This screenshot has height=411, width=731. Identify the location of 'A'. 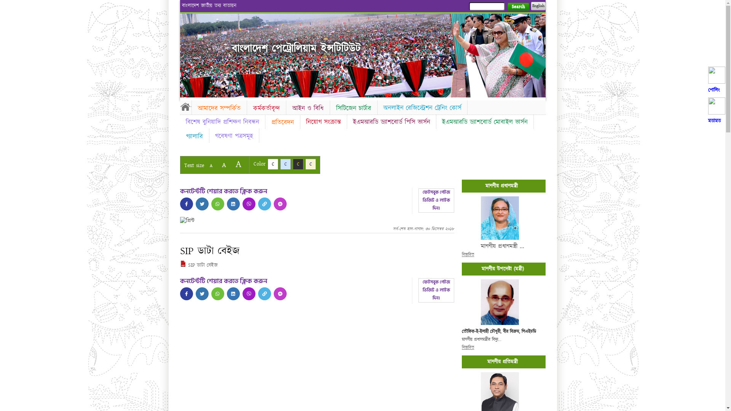
(205, 165).